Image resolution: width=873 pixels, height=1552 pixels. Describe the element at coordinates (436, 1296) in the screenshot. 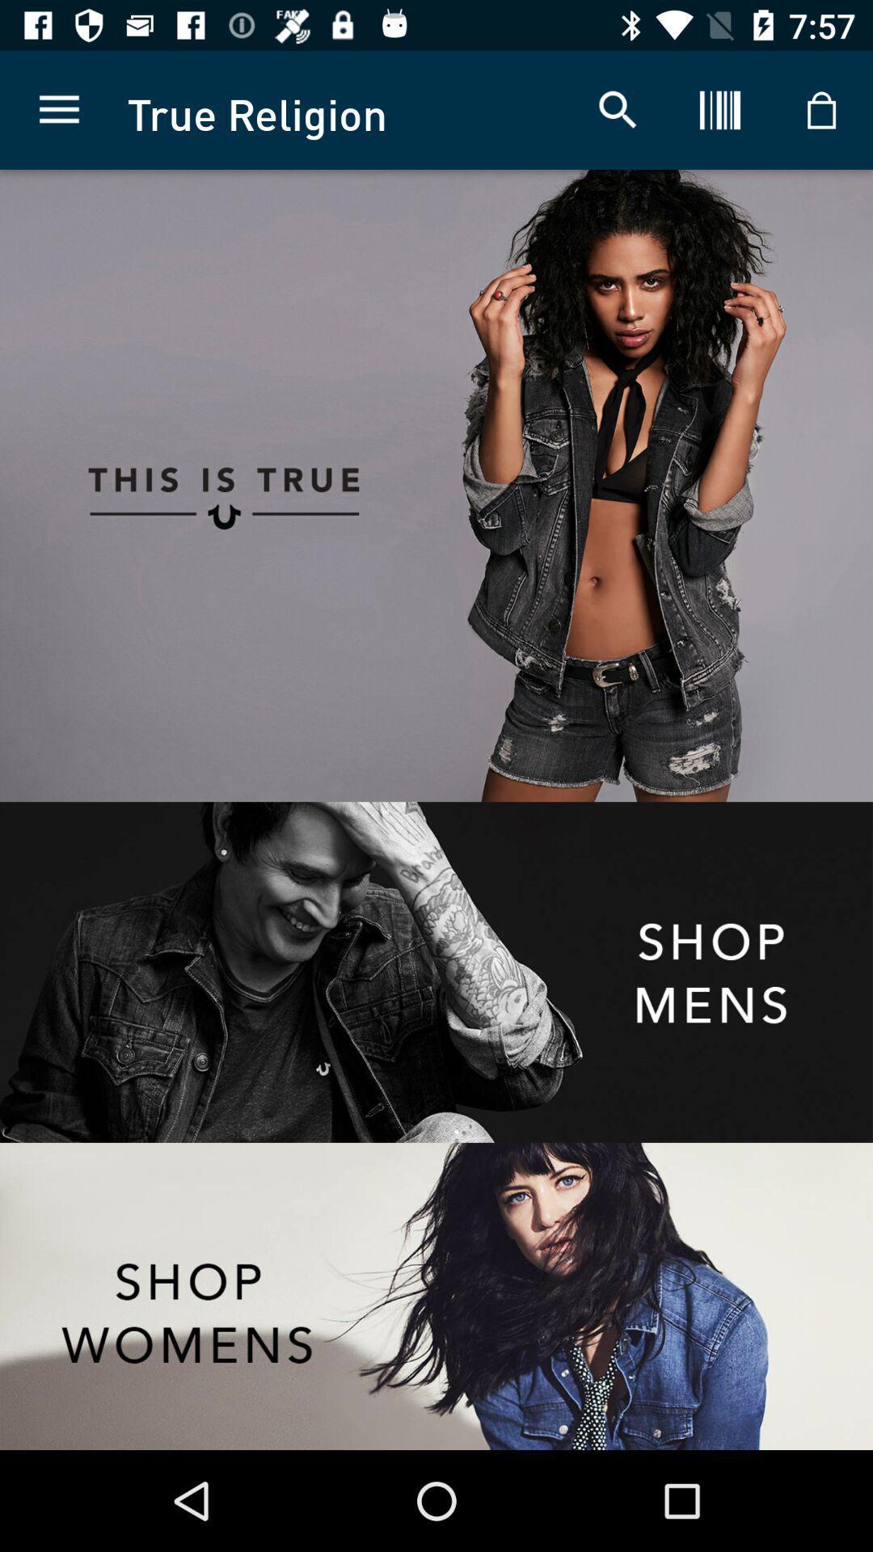

I see `shop this section` at that location.